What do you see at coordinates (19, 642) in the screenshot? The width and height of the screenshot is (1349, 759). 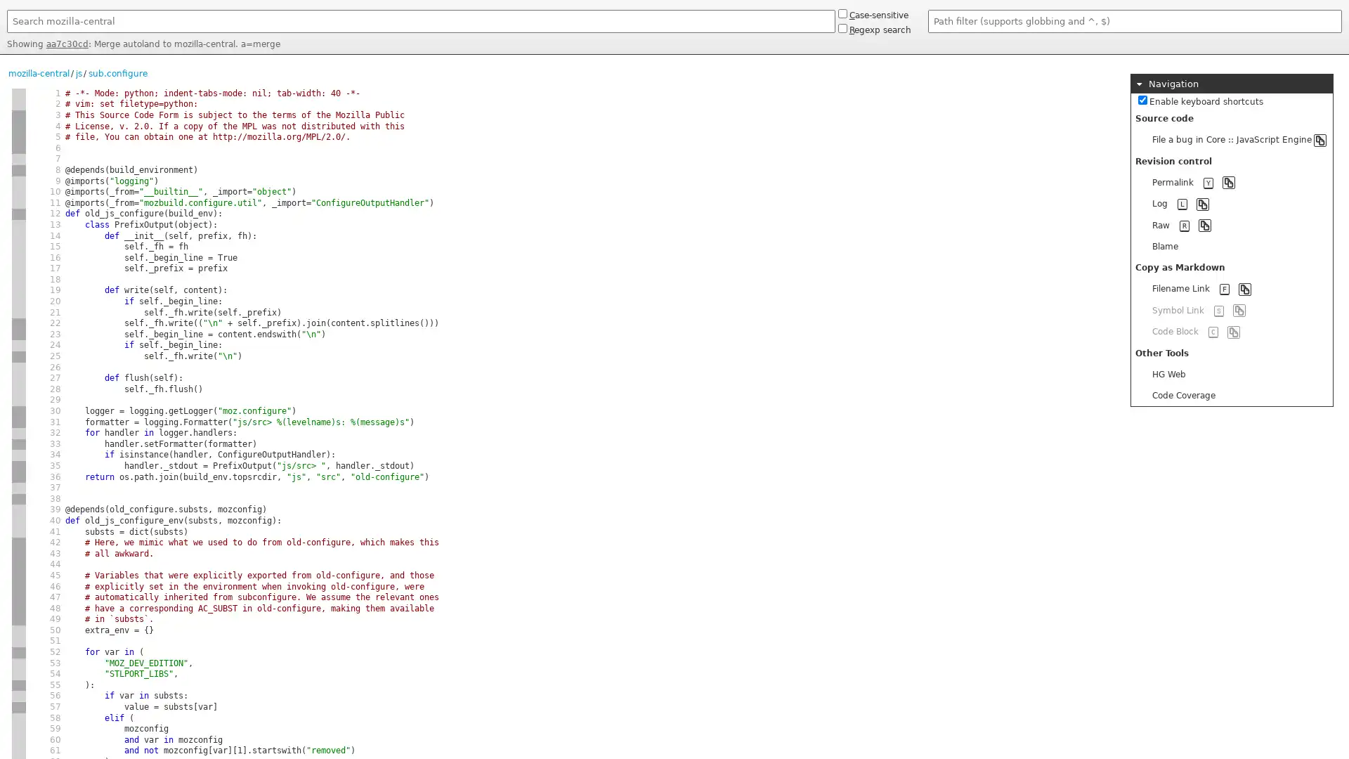 I see `same hash 5` at bounding box center [19, 642].